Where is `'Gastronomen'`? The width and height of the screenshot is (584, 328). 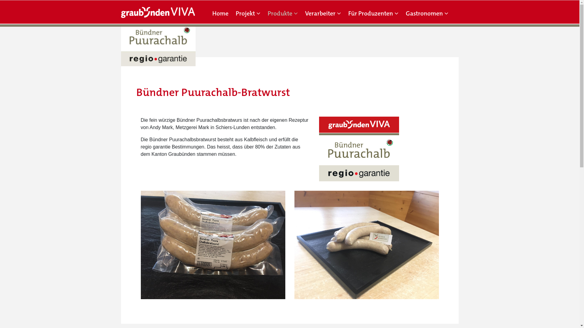
'Gastronomen' is located at coordinates (426, 13).